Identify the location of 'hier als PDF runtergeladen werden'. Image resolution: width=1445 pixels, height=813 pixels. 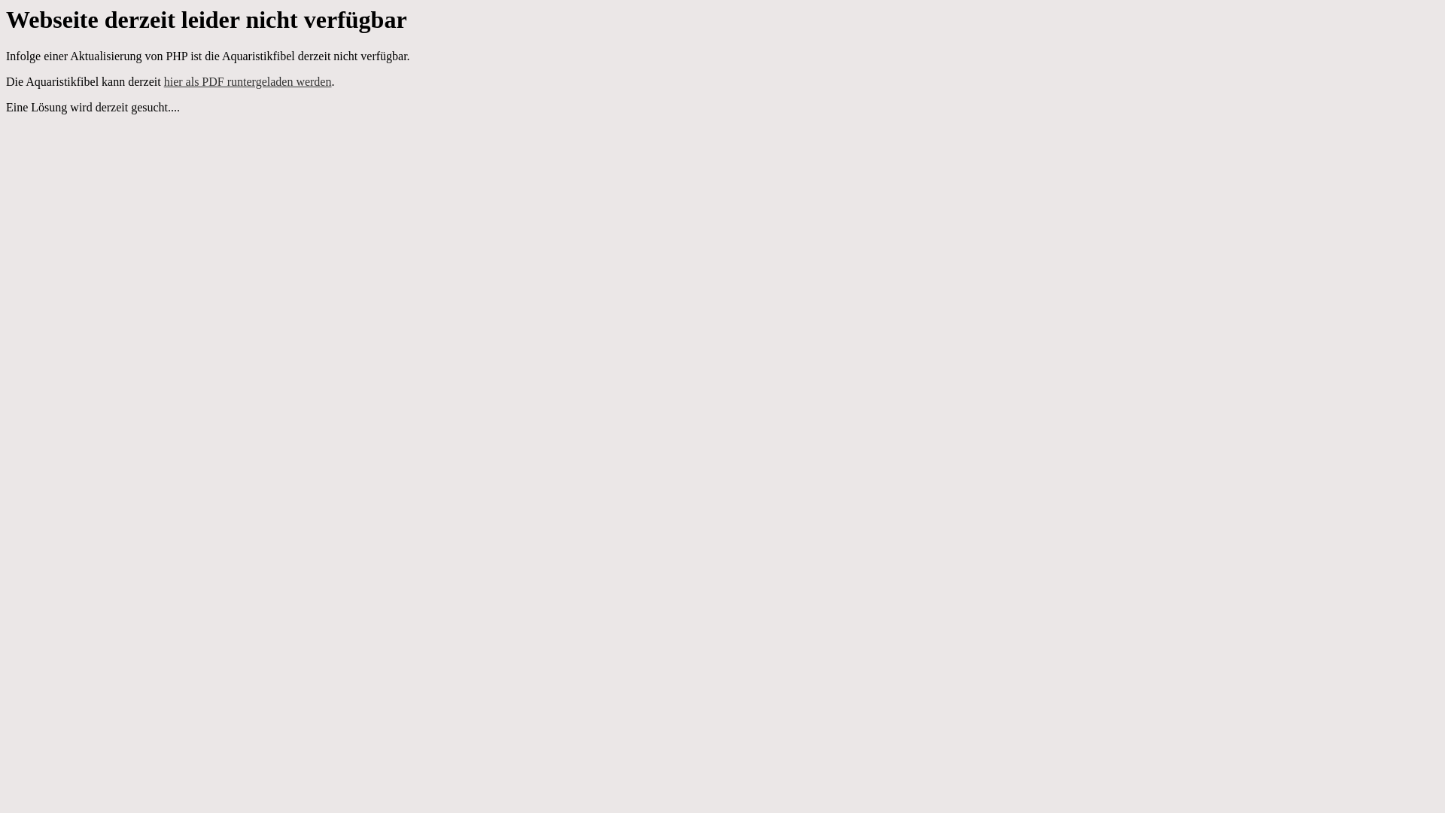
(163, 81).